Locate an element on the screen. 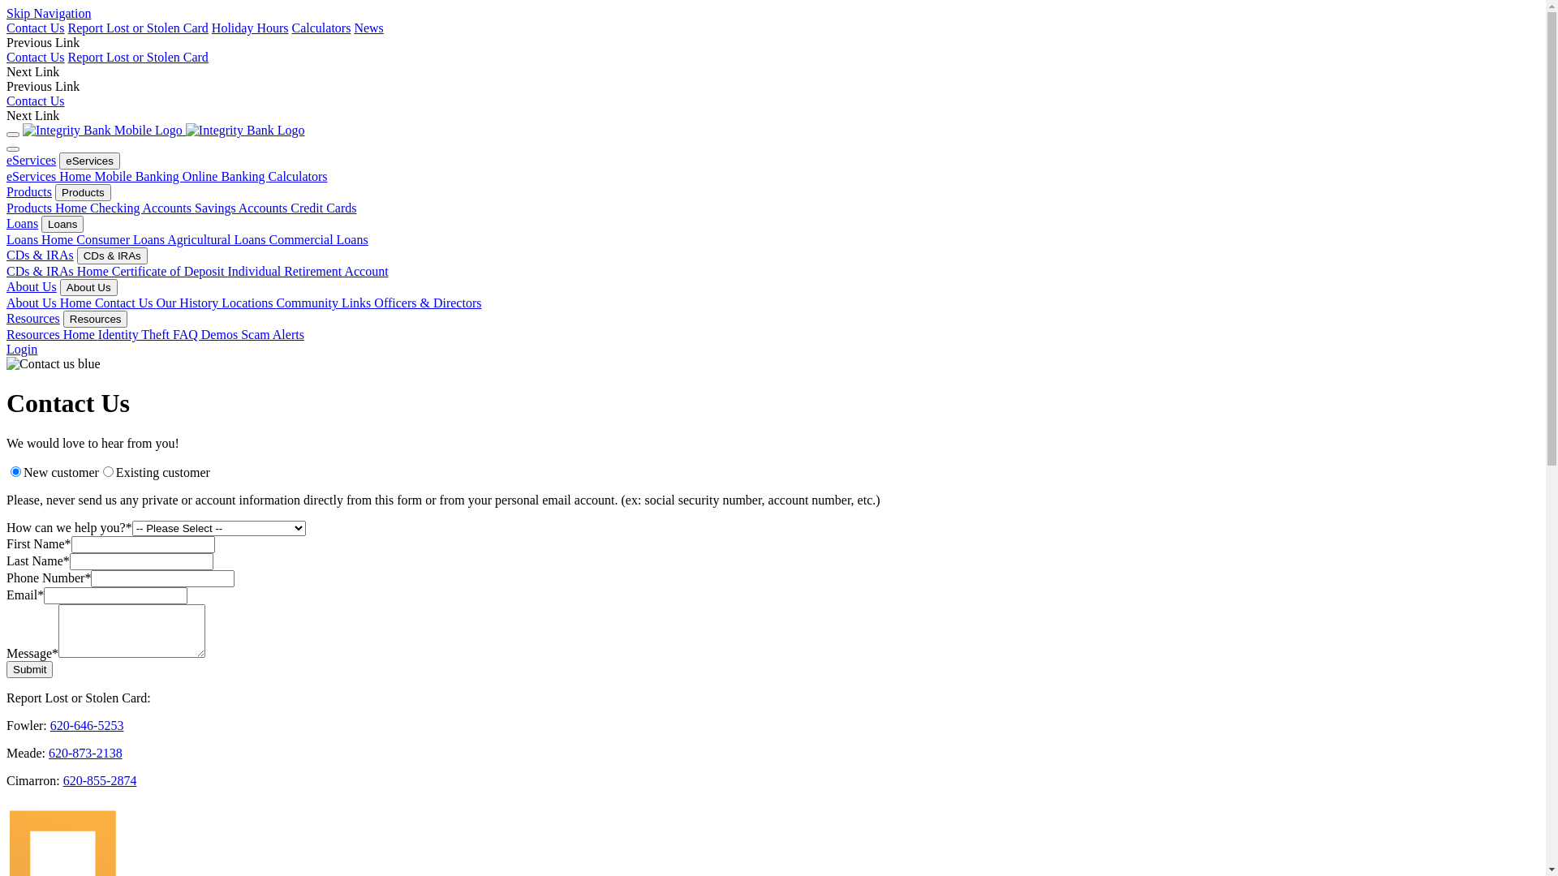  'Report Lost or Stolen Card' is located at coordinates (138, 56).